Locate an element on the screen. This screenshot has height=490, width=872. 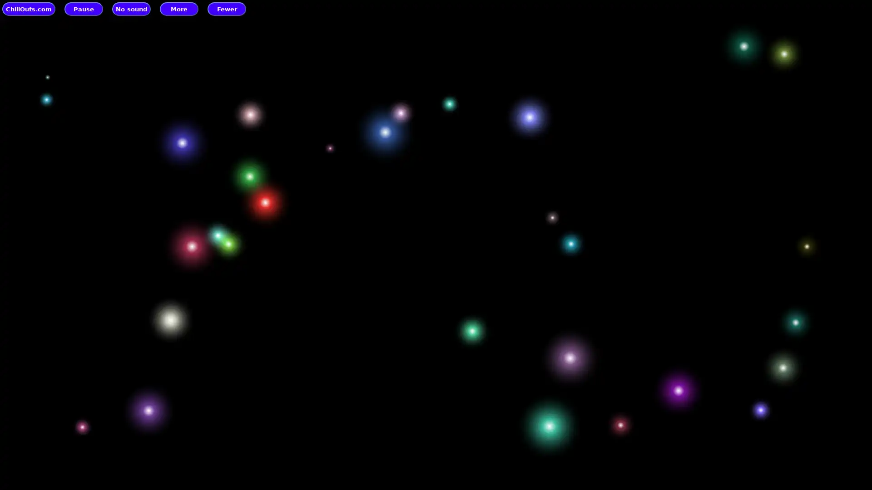
More is located at coordinates (179, 9).